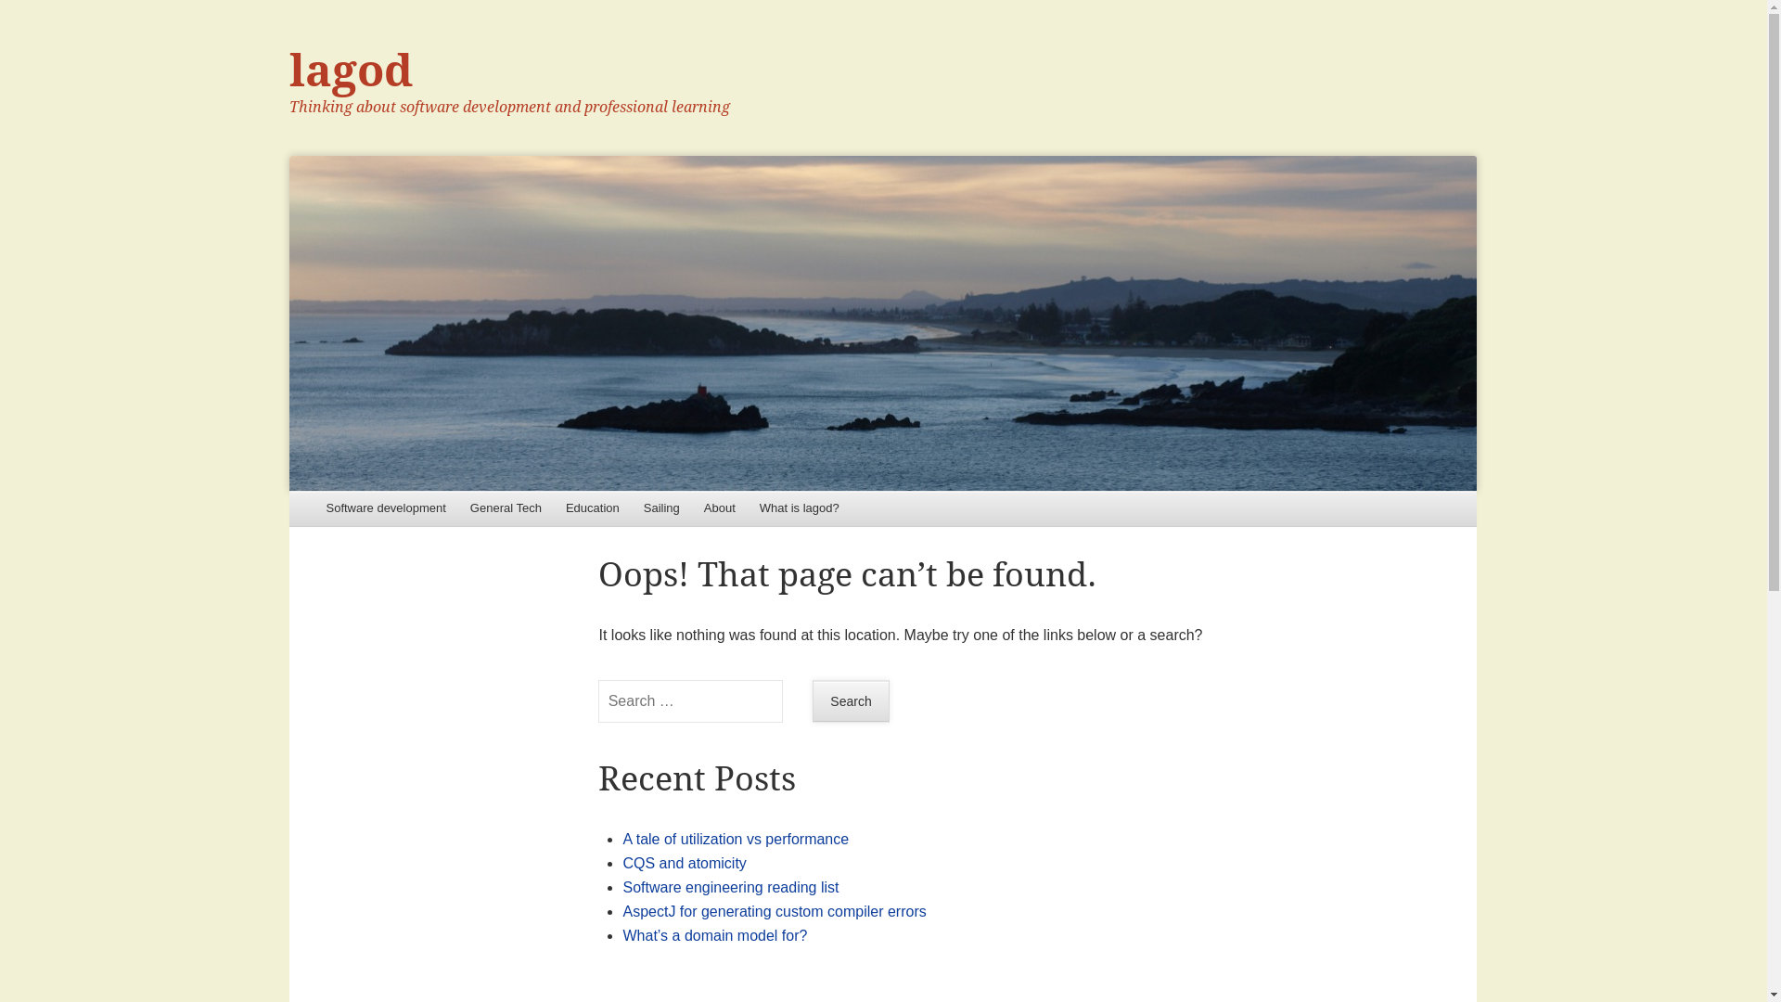 The width and height of the screenshot is (1781, 1002). I want to click on 'lagod', so click(881, 322).